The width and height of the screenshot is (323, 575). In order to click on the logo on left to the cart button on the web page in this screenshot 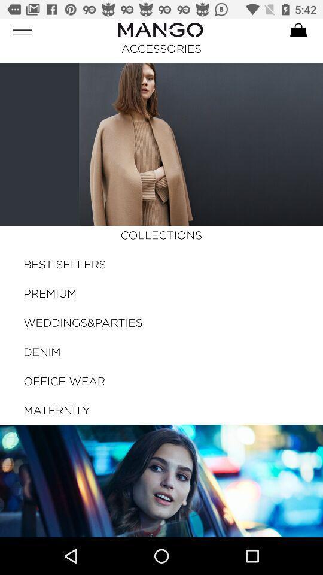, I will do `click(160, 29)`.